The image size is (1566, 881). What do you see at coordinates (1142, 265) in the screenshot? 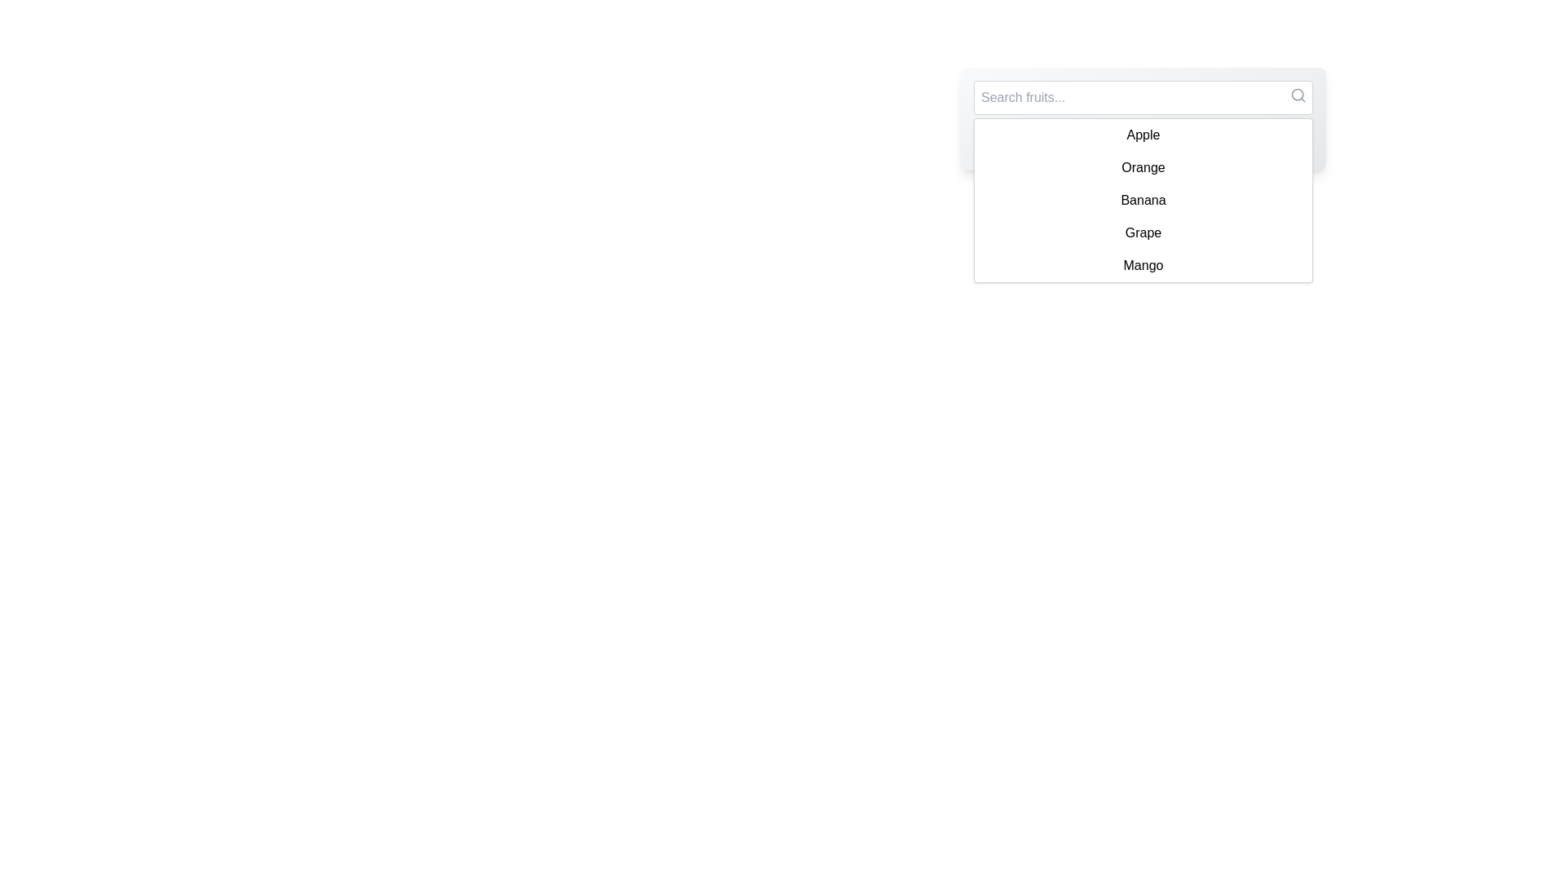
I see `the fifth item in the dropdown menu, located below 'Grape' and above the dropdown border` at bounding box center [1142, 265].